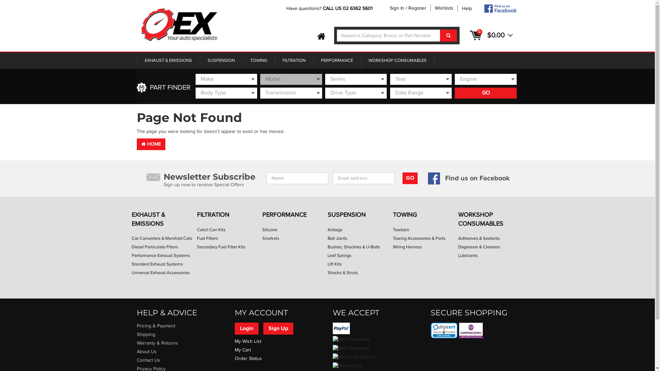  Describe the element at coordinates (179, 25) in the screenshot. I see `'O-EX AUTO Spare Parts'` at that location.